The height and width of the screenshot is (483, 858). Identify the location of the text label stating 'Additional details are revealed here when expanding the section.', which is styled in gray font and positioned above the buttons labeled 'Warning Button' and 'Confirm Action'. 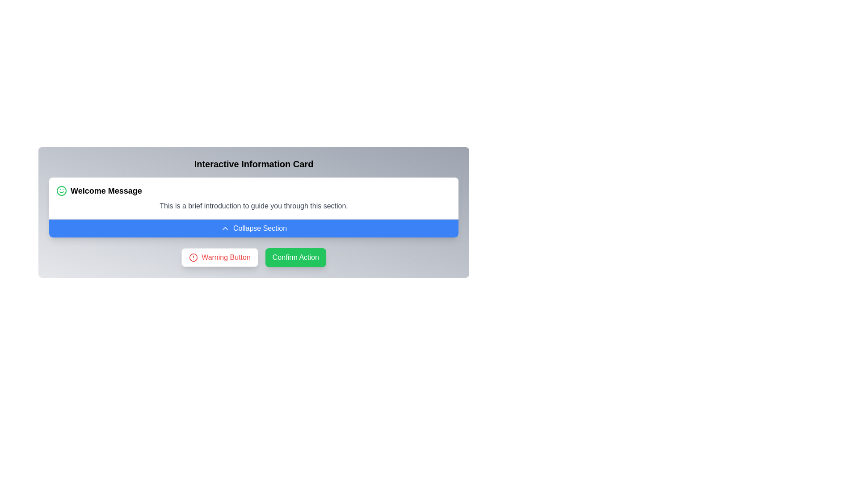
(253, 250).